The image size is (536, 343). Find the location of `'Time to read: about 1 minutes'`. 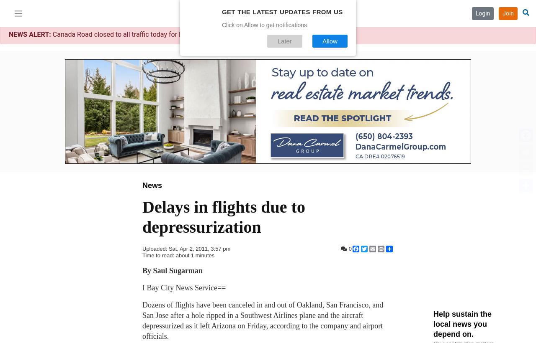

'Time to read: about 1 minutes' is located at coordinates (142, 255).